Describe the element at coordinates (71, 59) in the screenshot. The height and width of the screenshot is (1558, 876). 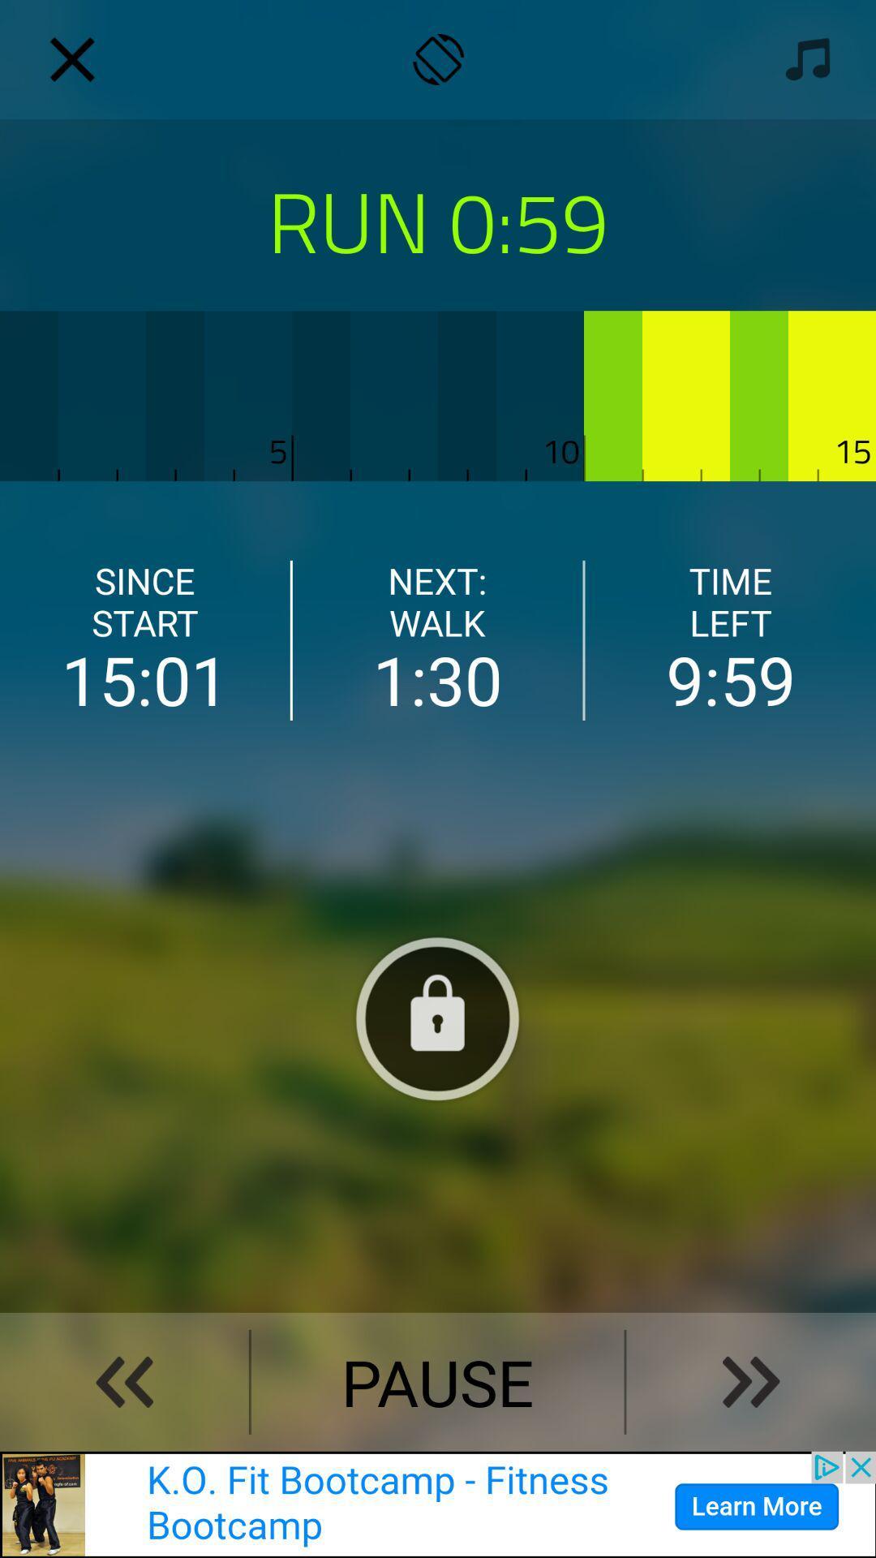
I see `the cross option on the top left corner` at that location.